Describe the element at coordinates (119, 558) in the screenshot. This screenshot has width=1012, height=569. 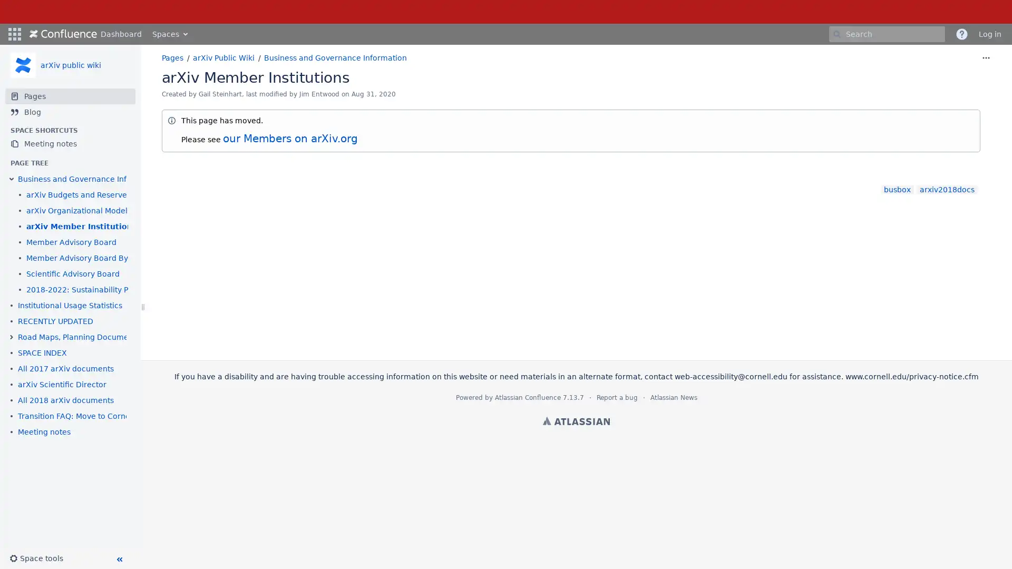
I see `Collapse sidebar ( [ )` at that location.